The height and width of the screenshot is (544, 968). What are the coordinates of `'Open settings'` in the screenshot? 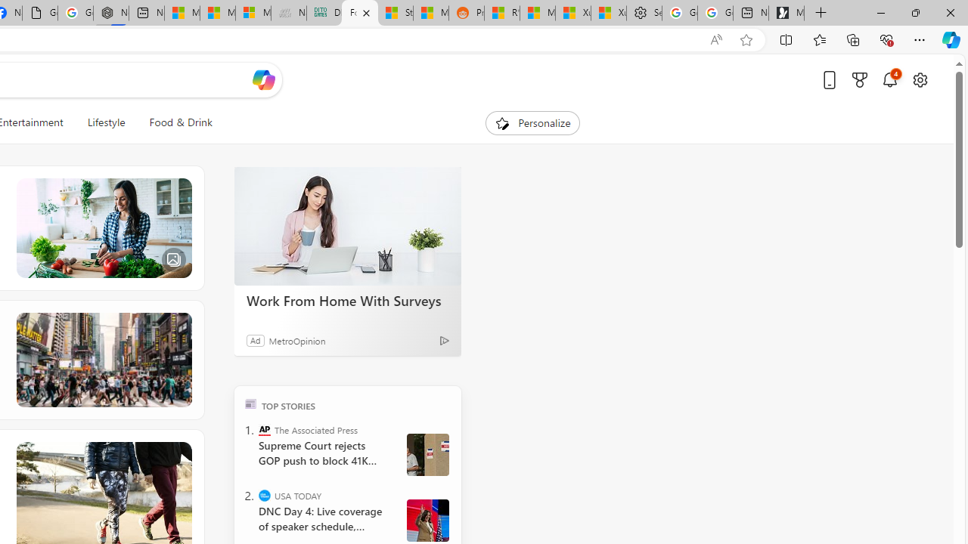 It's located at (919, 79).